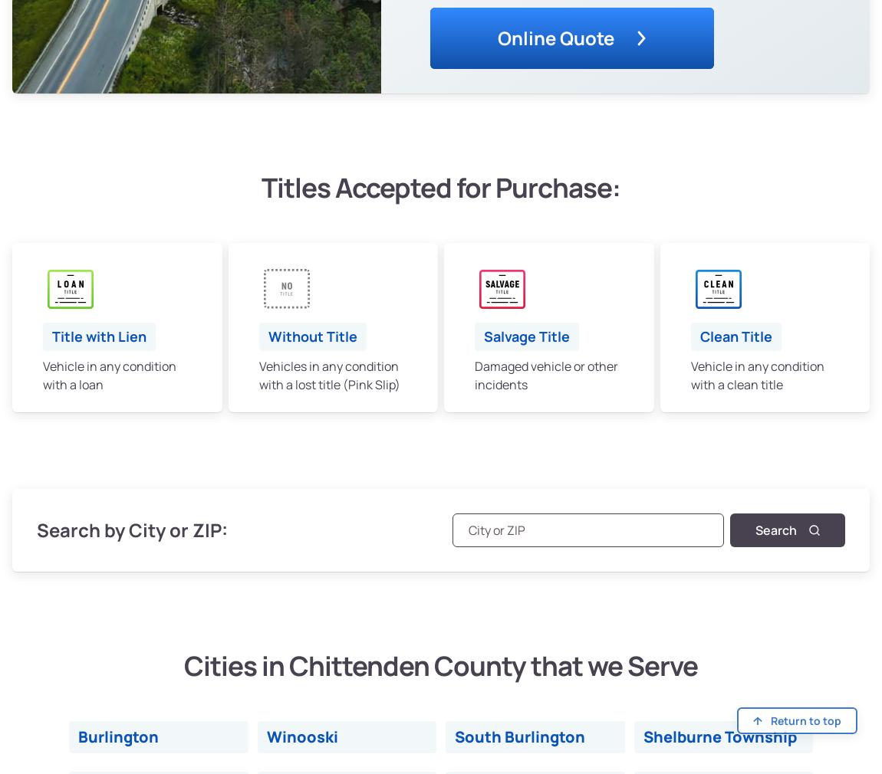  I want to click on 'Vehicle in any condition with a loan', so click(108, 375).